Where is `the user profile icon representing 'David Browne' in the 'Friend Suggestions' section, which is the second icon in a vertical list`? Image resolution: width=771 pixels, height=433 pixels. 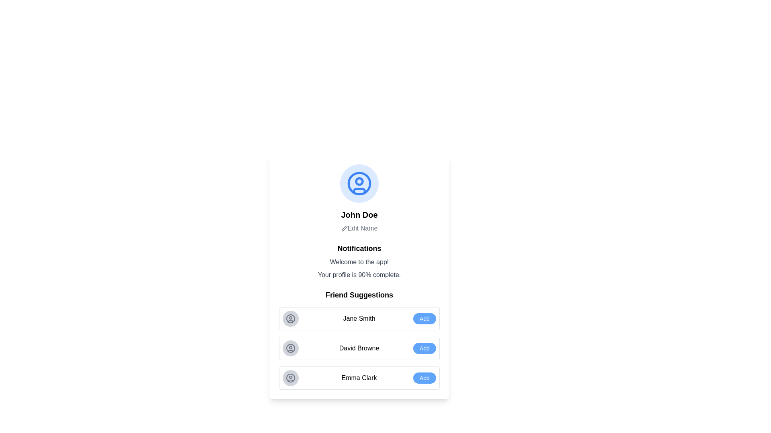
the user profile icon representing 'David Browne' in the 'Friend Suggestions' section, which is the second icon in a vertical list is located at coordinates (290, 348).